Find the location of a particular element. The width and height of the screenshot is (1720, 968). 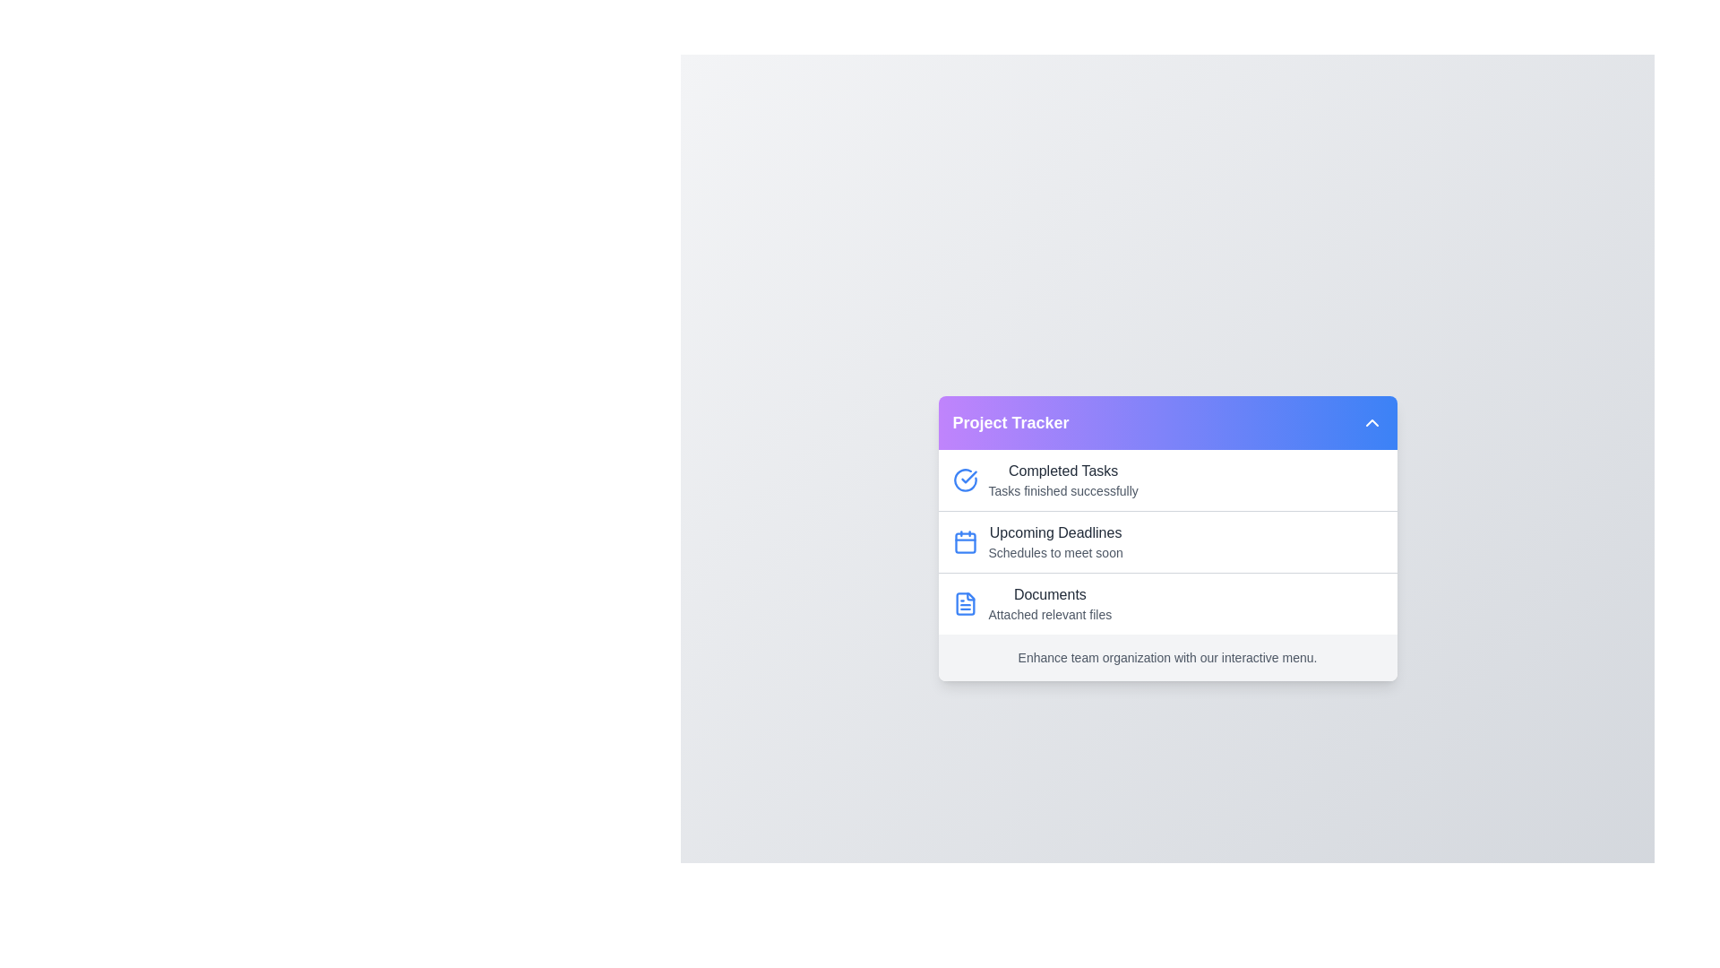

the list item corresponding to Completed Tasks is located at coordinates (1167, 480).